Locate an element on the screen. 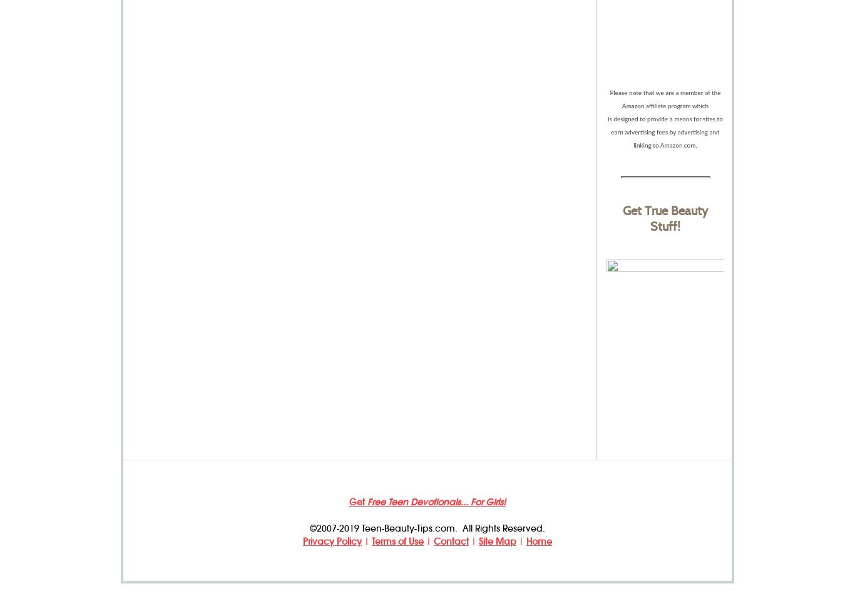 This screenshot has width=855, height=611. 'Terms of Use' is located at coordinates (397, 541).